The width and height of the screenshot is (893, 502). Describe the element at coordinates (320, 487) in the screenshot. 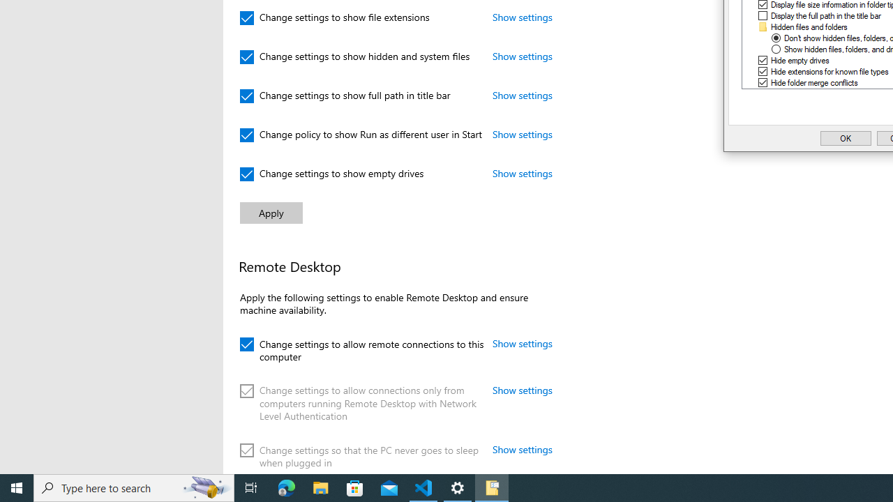

I see `'File Explorer'` at that location.